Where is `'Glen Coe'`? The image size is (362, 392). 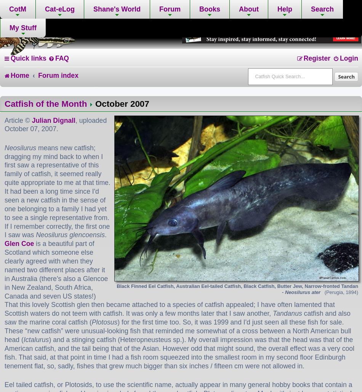 'Glen Coe' is located at coordinates (19, 243).